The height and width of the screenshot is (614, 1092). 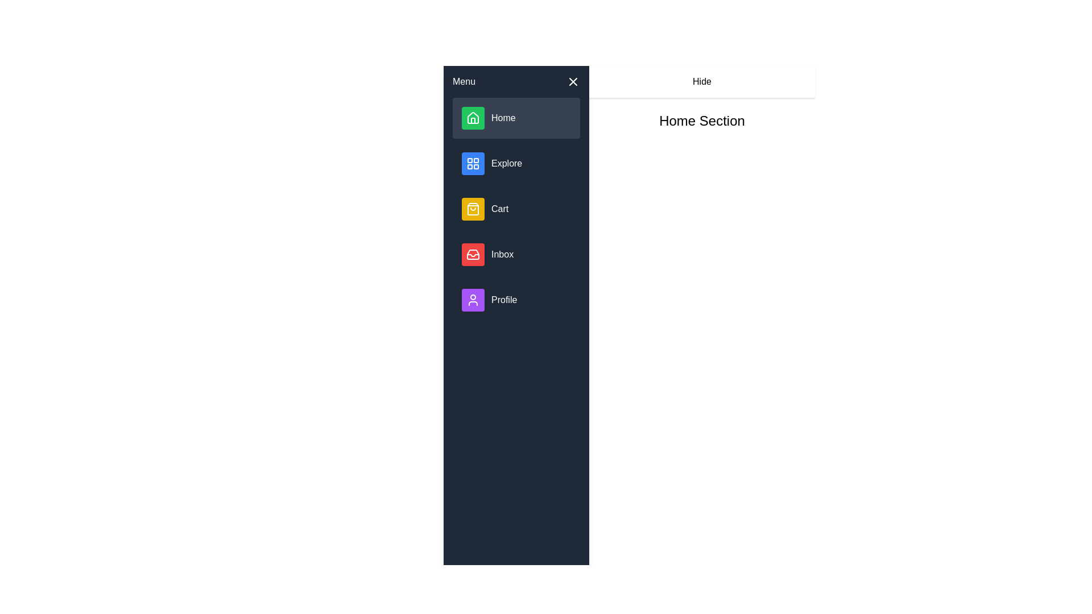 I want to click on the 'Profile' icon located at the bottom of the sidebar menu, so click(x=473, y=300).